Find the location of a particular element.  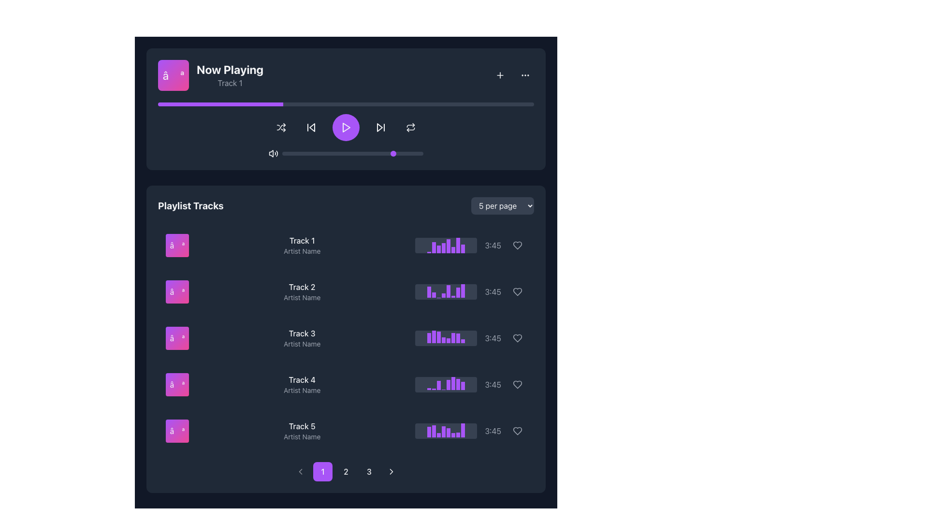

playback progress is located at coordinates (466, 104).